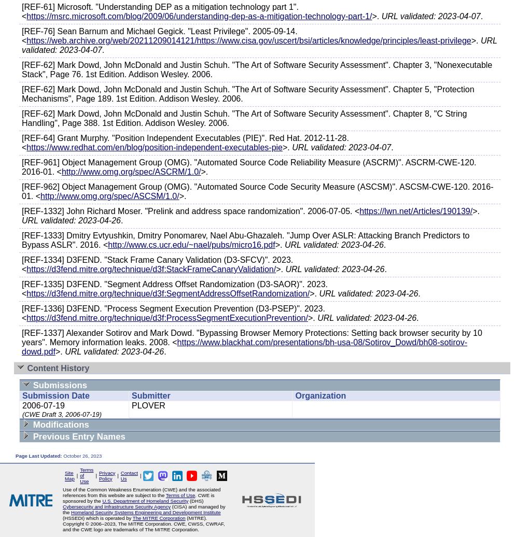 The image size is (529, 537). Describe the element at coordinates (244, 118) in the screenshot. I see `'[REF-62] Mark Dowd, John McDonald
							and Justin Schuh. "The Art of Software Security Assessment". Chapter 8, "C String Handling", Page 388. 1st Edition. Addison Wesley. 2006.'` at that location.